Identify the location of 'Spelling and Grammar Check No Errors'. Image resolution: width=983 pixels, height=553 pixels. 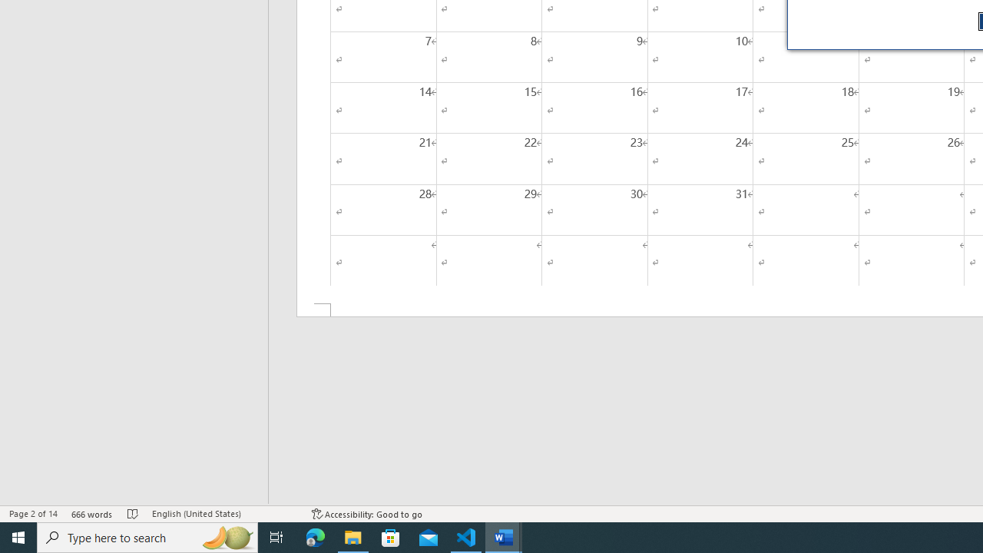
(133, 514).